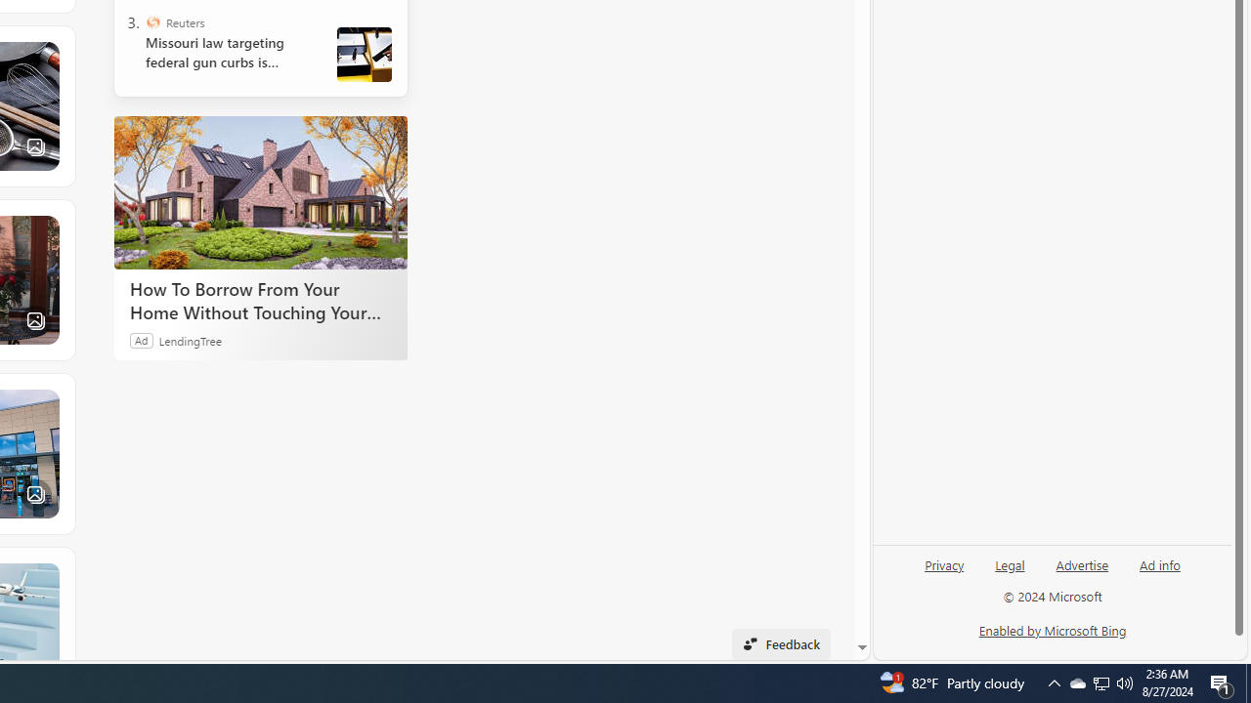 The width and height of the screenshot is (1251, 703). I want to click on 'Legal', so click(1010, 563).